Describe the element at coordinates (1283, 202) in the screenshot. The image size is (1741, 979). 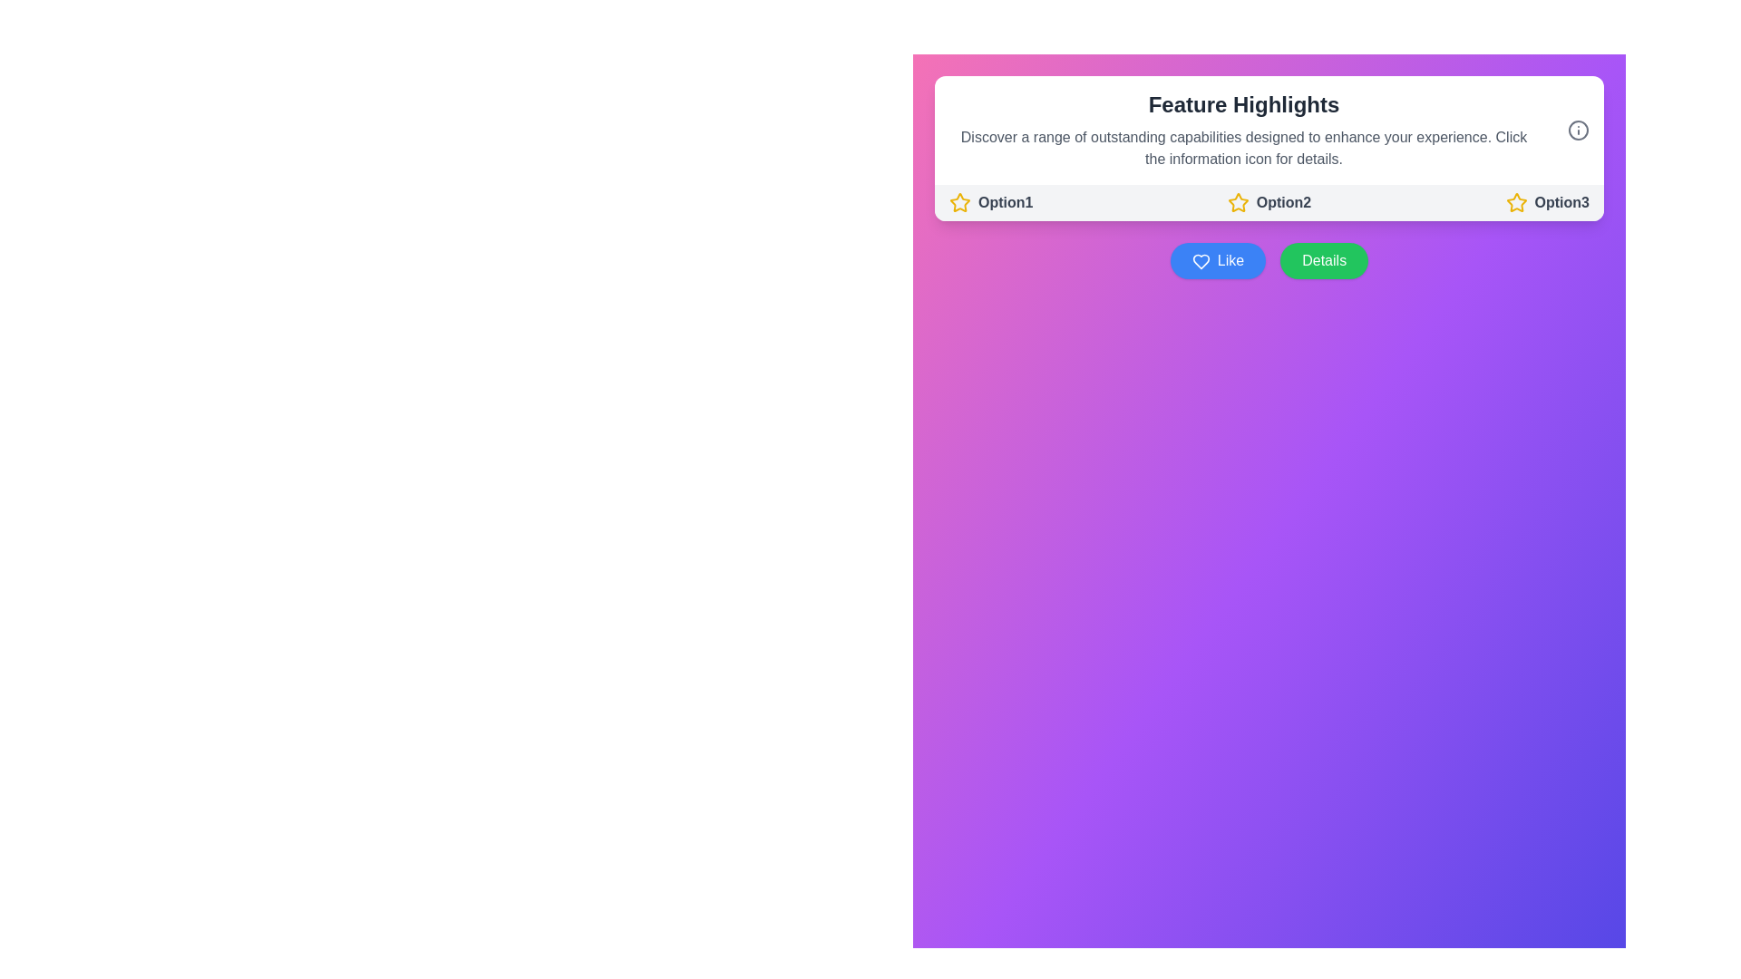
I see `the text component displaying 'Option2', which is bold and dark gray, located to the right of a yellow star icon in the 'Feature Highlights' section` at that location.